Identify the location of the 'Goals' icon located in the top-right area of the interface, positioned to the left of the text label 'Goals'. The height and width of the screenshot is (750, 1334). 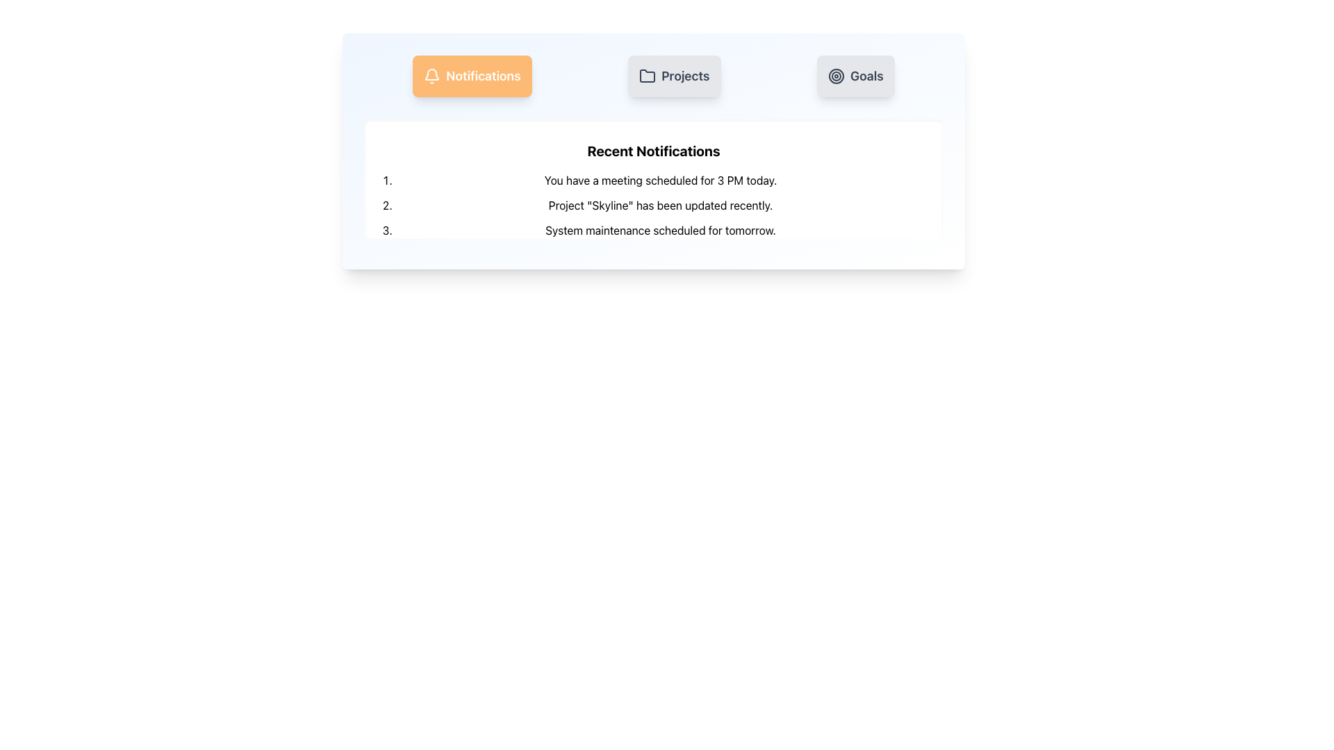
(836, 76).